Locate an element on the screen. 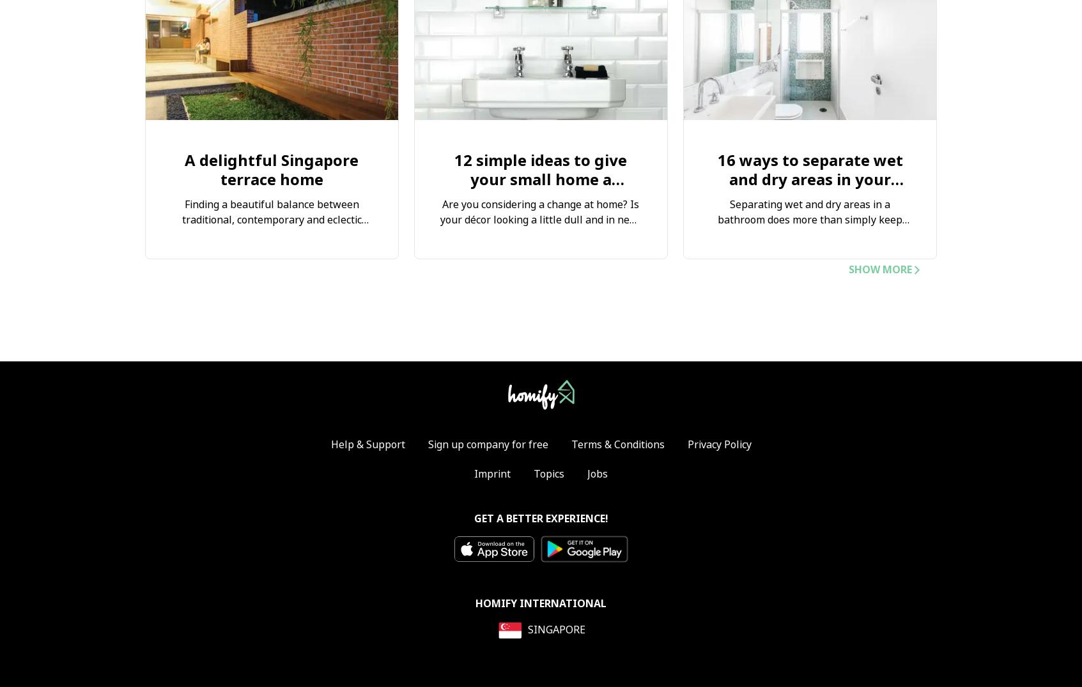  'Imprint' is located at coordinates (492, 473).